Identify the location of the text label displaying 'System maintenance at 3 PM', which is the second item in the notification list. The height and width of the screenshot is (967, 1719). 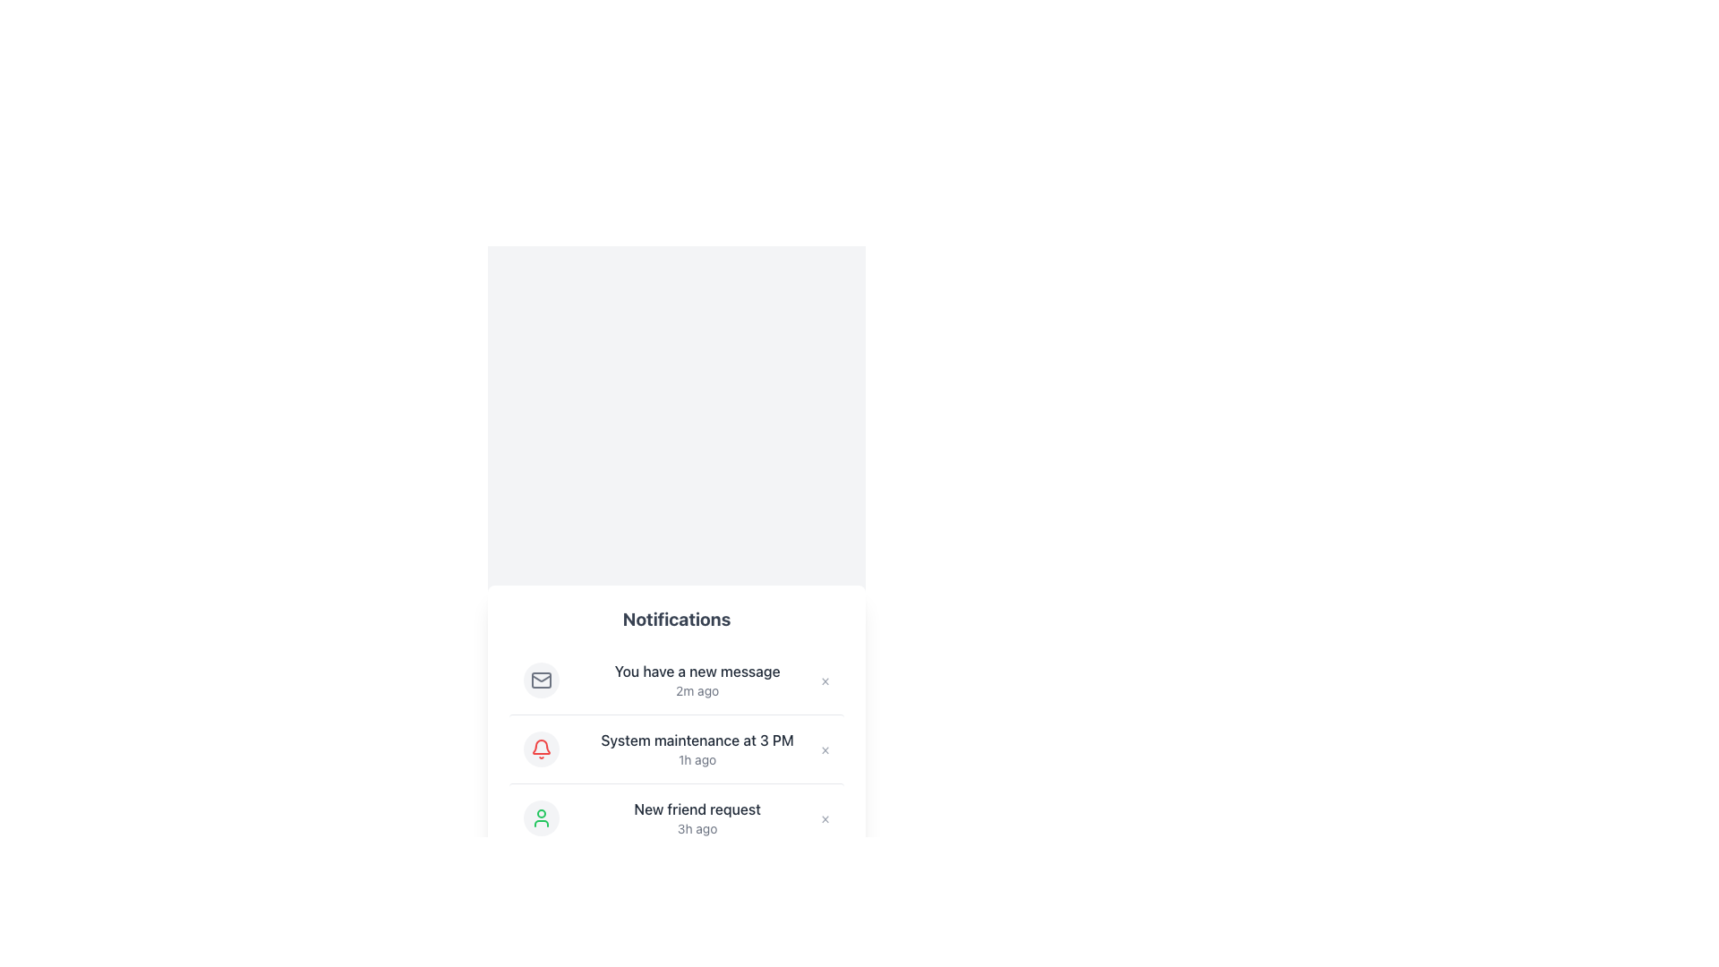
(697, 740).